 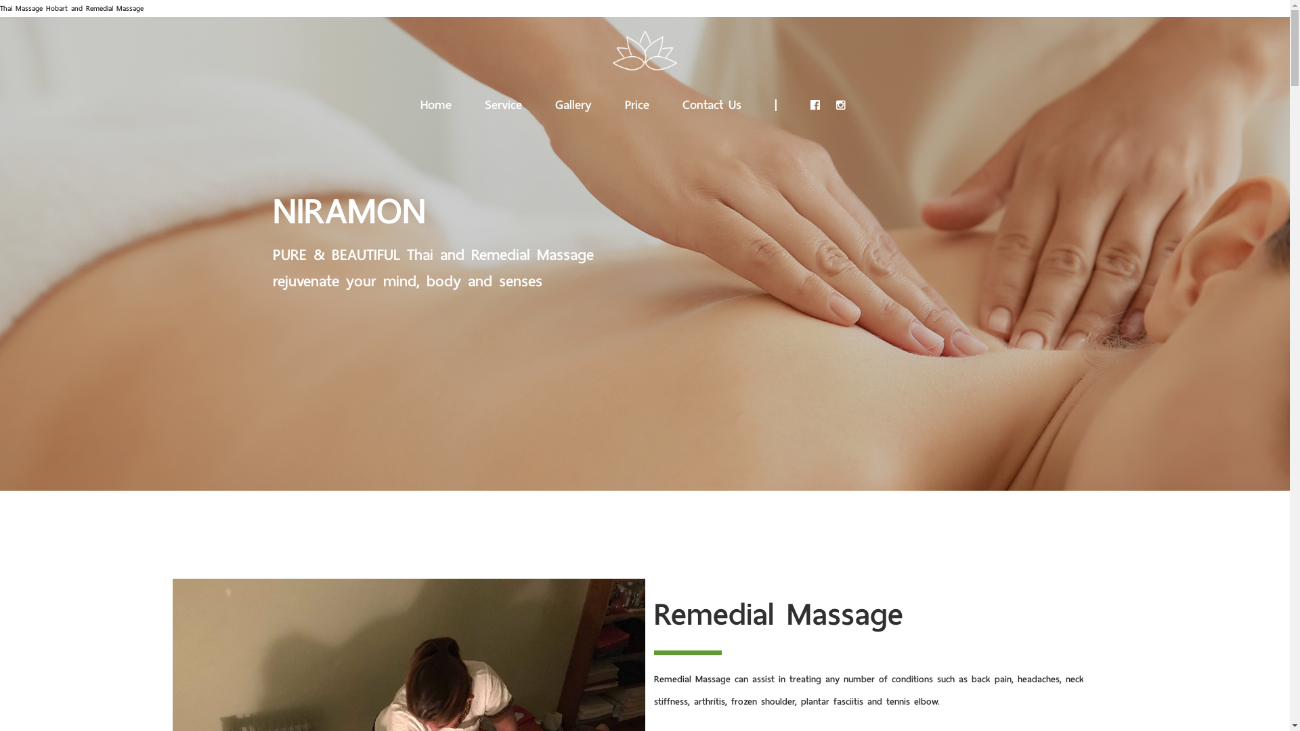 What do you see at coordinates (776, 101) in the screenshot?
I see `'|'` at bounding box center [776, 101].